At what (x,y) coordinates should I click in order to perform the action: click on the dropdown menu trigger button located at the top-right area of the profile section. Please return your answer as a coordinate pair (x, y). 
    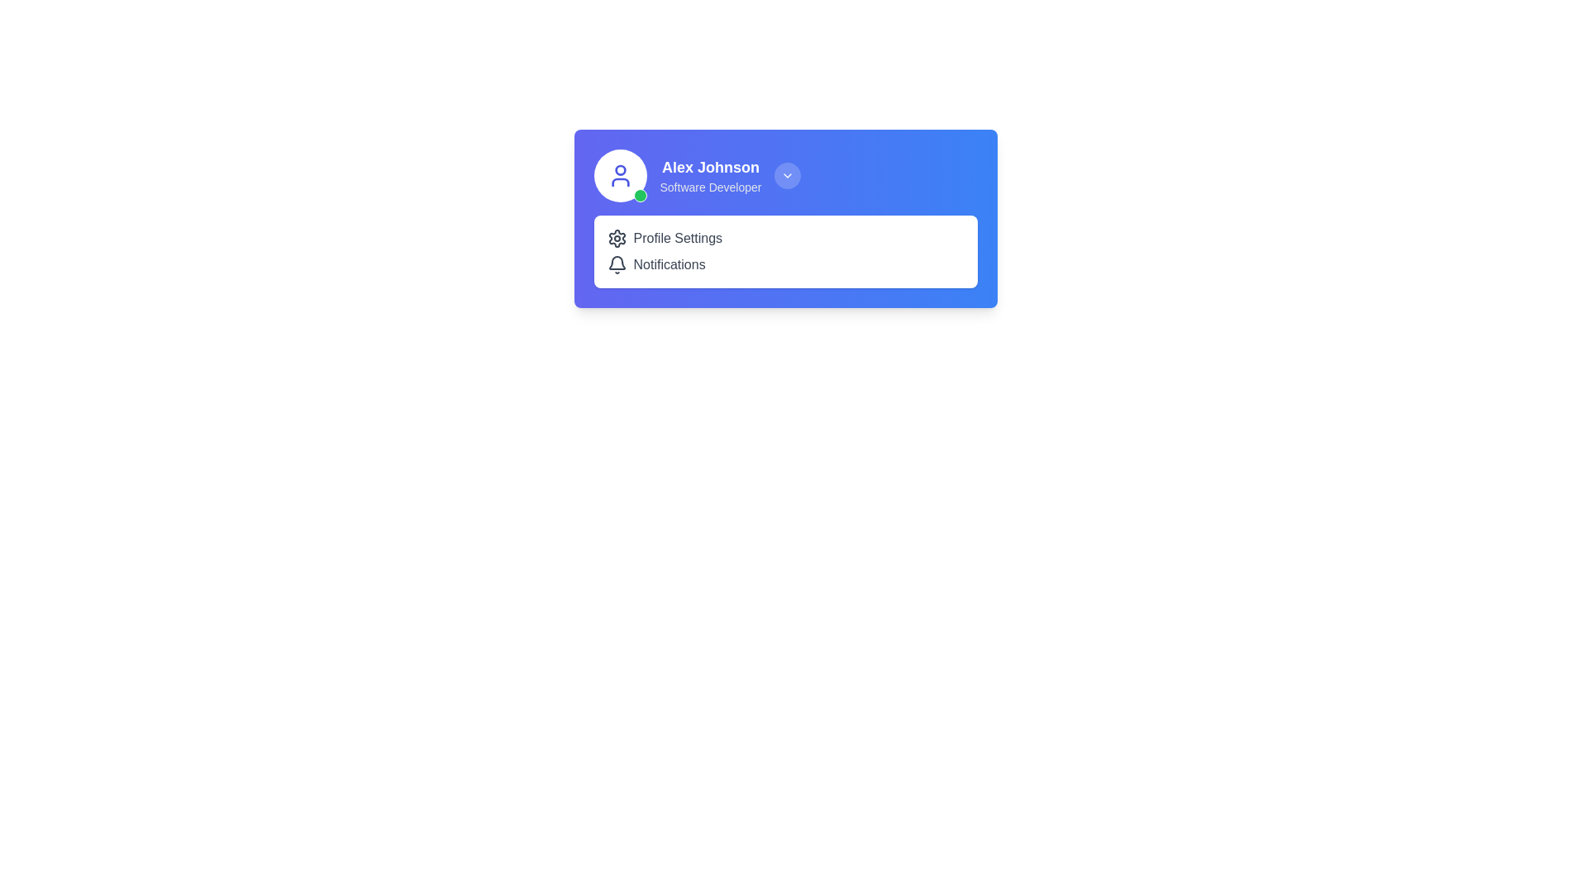
    Looking at the image, I should click on (787, 175).